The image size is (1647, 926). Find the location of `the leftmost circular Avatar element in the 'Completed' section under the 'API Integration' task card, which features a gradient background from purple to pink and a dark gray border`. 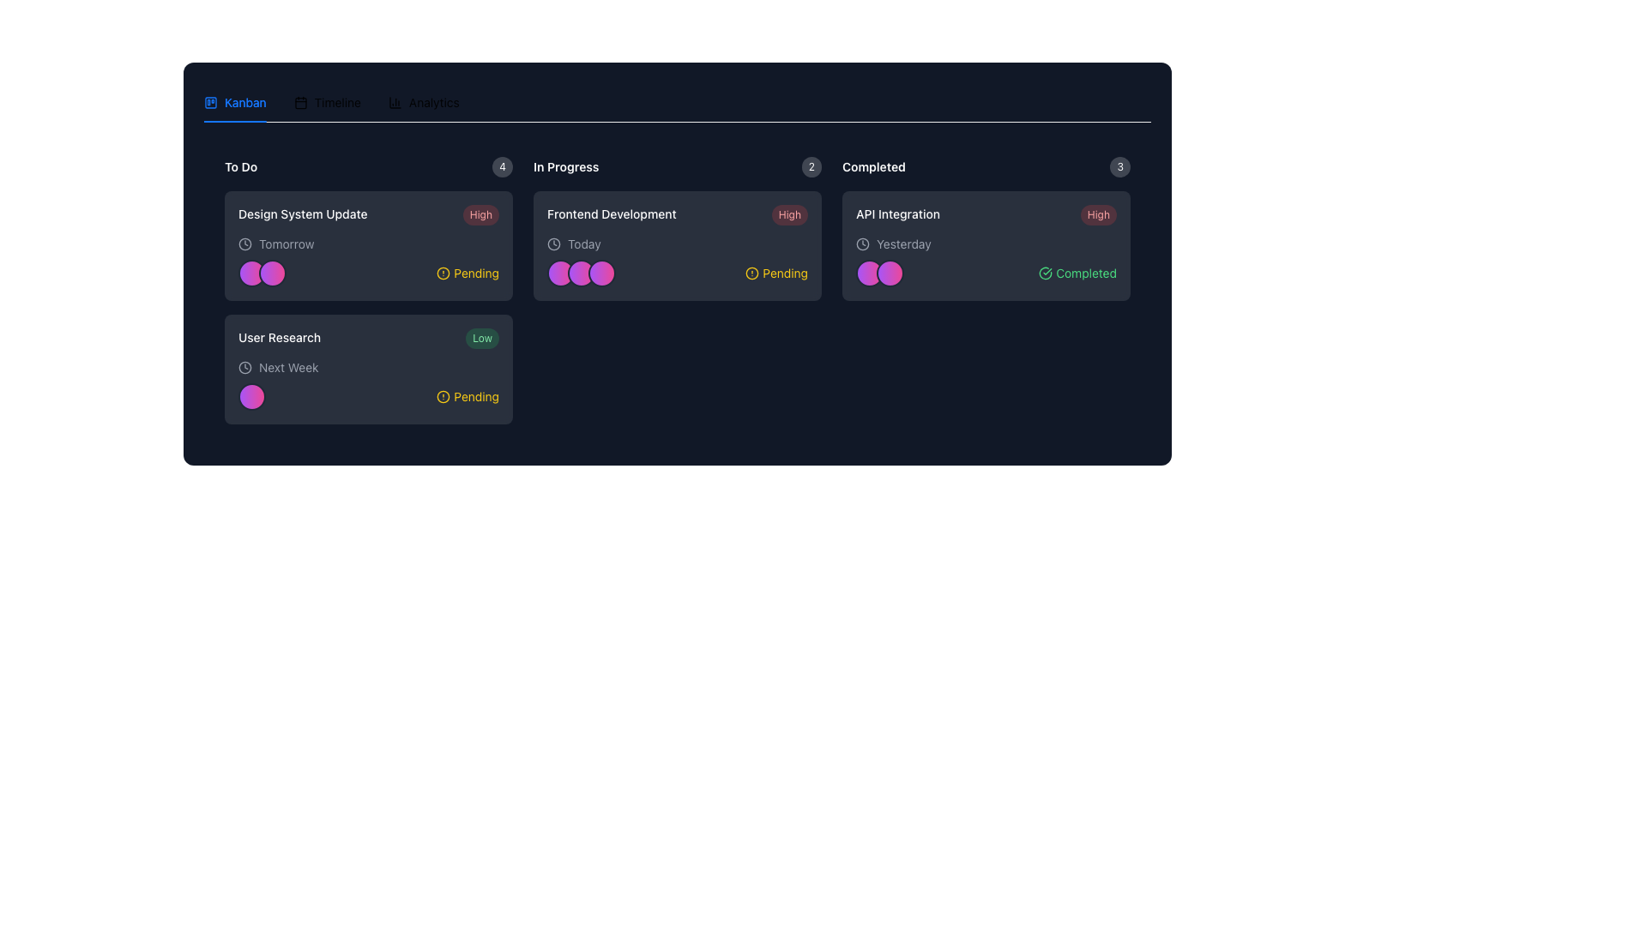

the leftmost circular Avatar element in the 'Completed' section under the 'API Integration' task card, which features a gradient background from purple to pink and a dark gray border is located at coordinates (869, 273).